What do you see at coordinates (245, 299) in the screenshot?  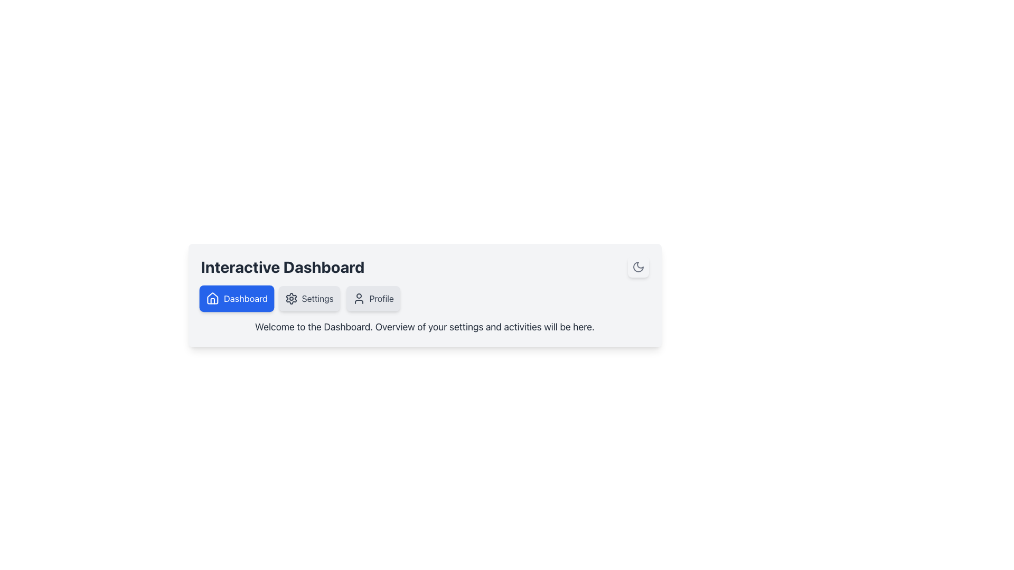 I see `the 'Dashboard' label, which is styled in white font on a blue background and appears as a button-like structure` at bounding box center [245, 299].